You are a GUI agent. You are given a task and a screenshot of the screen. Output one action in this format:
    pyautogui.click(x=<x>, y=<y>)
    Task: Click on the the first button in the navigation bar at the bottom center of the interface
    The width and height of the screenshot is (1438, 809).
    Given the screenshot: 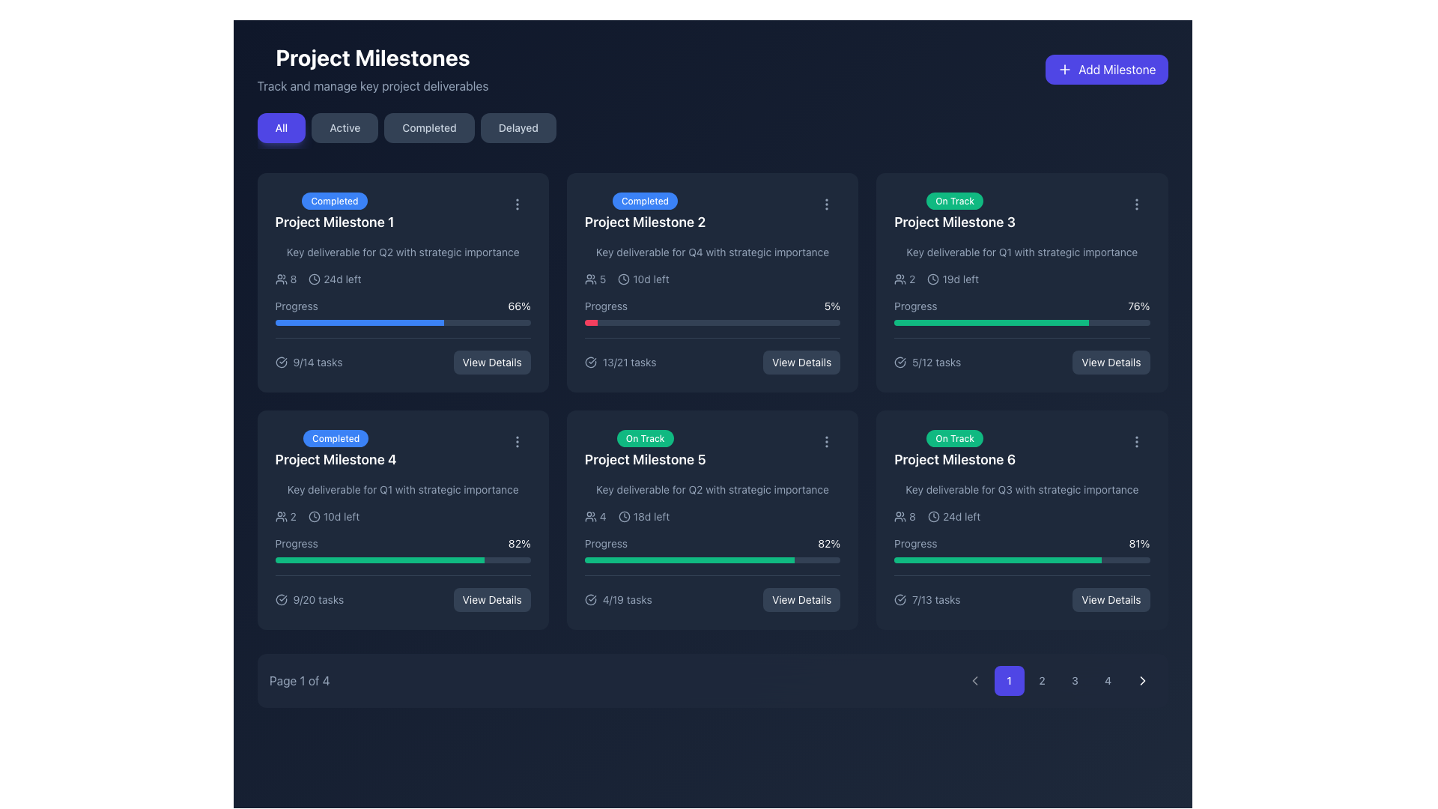 What is the action you would take?
    pyautogui.click(x=1009, y=681)
    